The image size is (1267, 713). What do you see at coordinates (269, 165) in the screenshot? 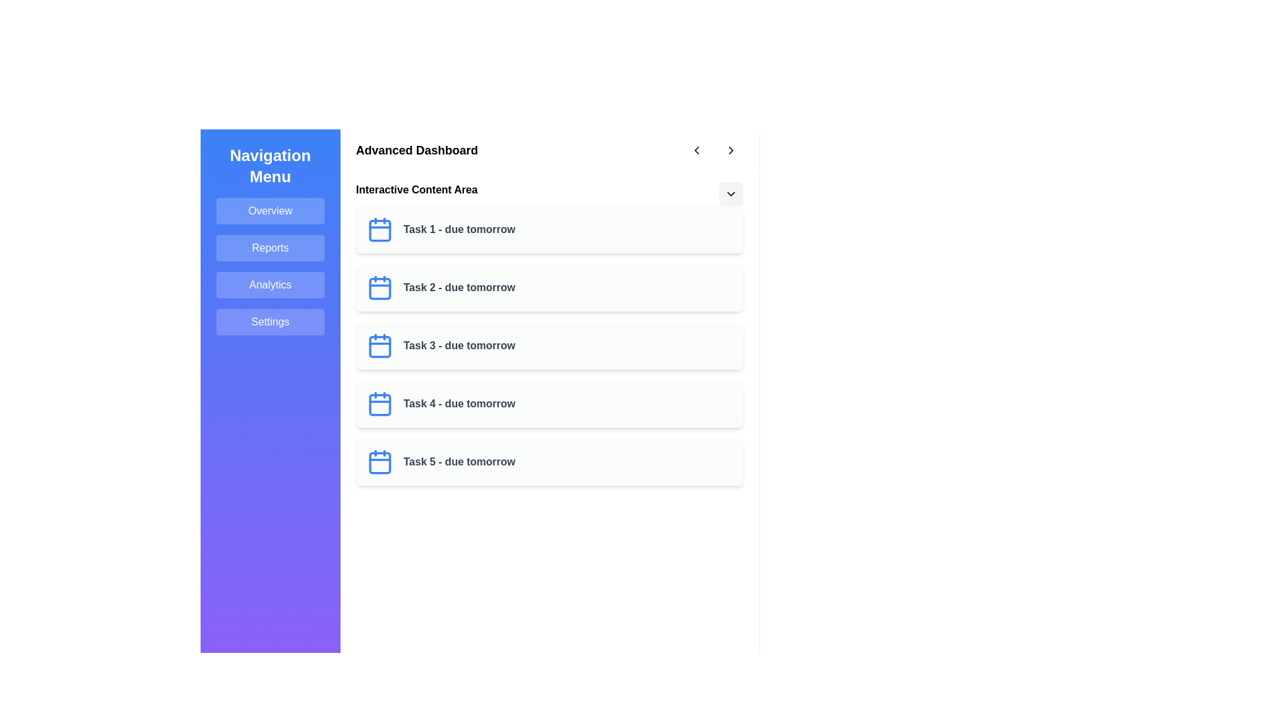
I see `the 'Navigation Menu' static text label, which is styled with a large and bold font and is located at the top of the sidebar section on a gradient background transitioning from blue to purple` at bounding box center [269, 165].